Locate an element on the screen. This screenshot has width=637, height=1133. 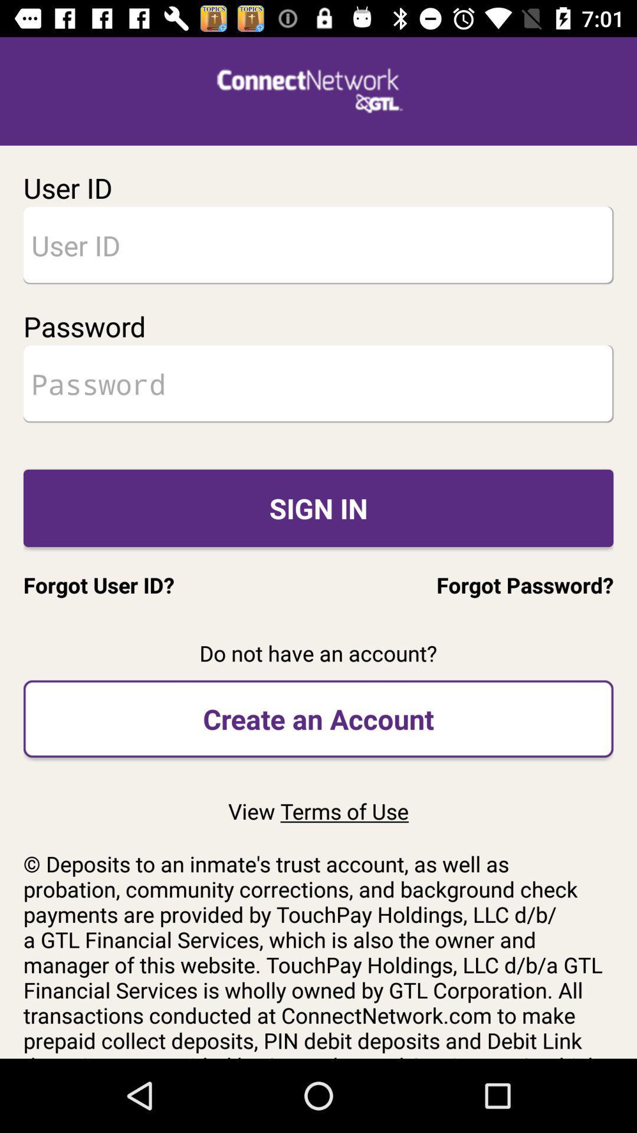
username is located at coordinates (318, 244).